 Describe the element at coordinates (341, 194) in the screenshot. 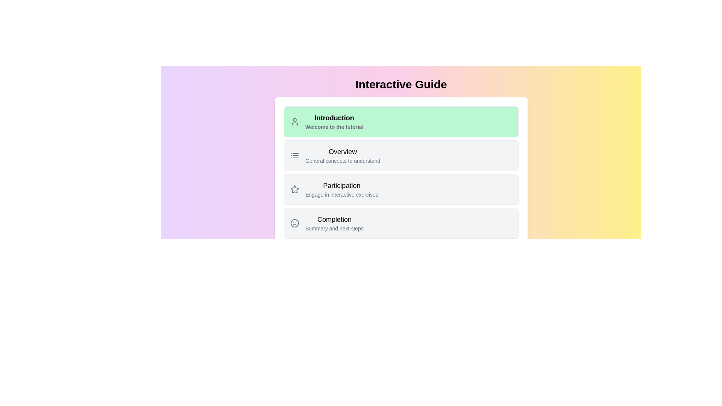

I see `the explanatory text label that provides additional context for the 'Participation' section of the interactive guide, located directly below the 'Participation' title text` at that location.